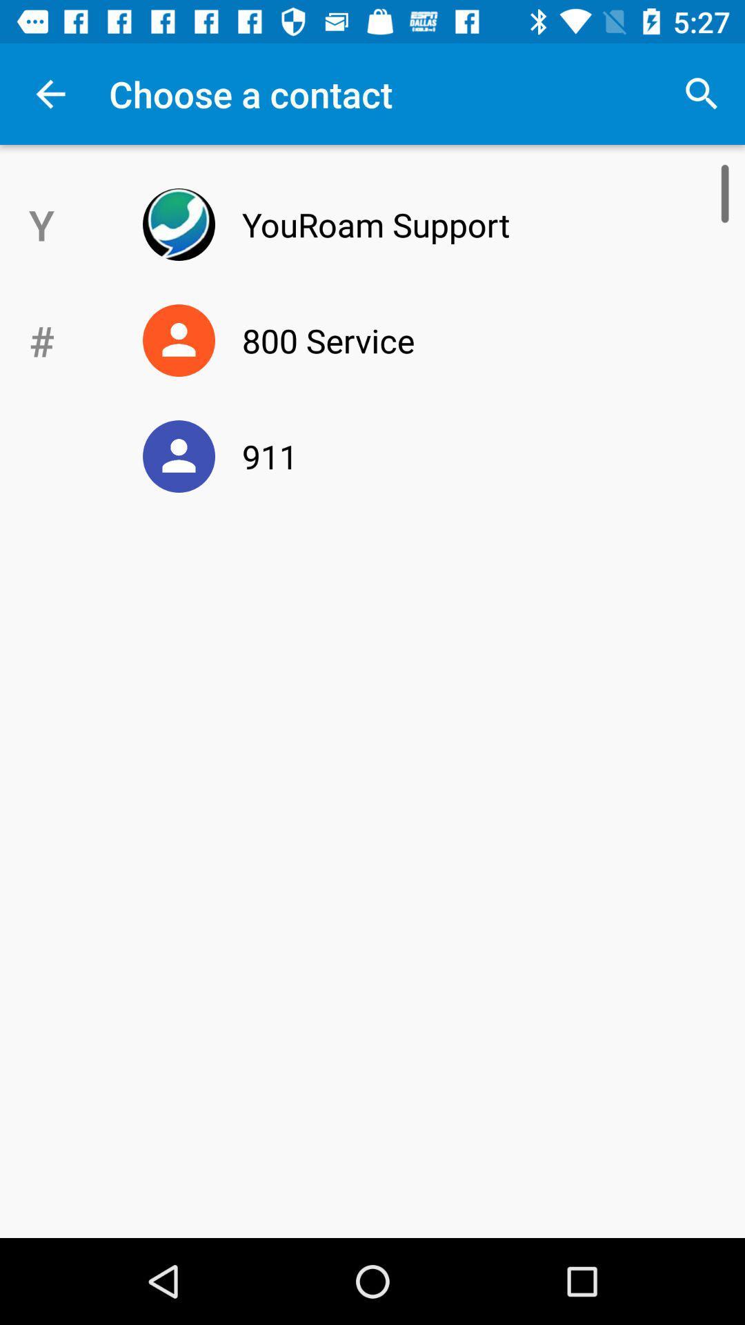 This screenshot has height=1325, width=745. I want to click on the item to the right of the choose a contact app, so click(702, 93).